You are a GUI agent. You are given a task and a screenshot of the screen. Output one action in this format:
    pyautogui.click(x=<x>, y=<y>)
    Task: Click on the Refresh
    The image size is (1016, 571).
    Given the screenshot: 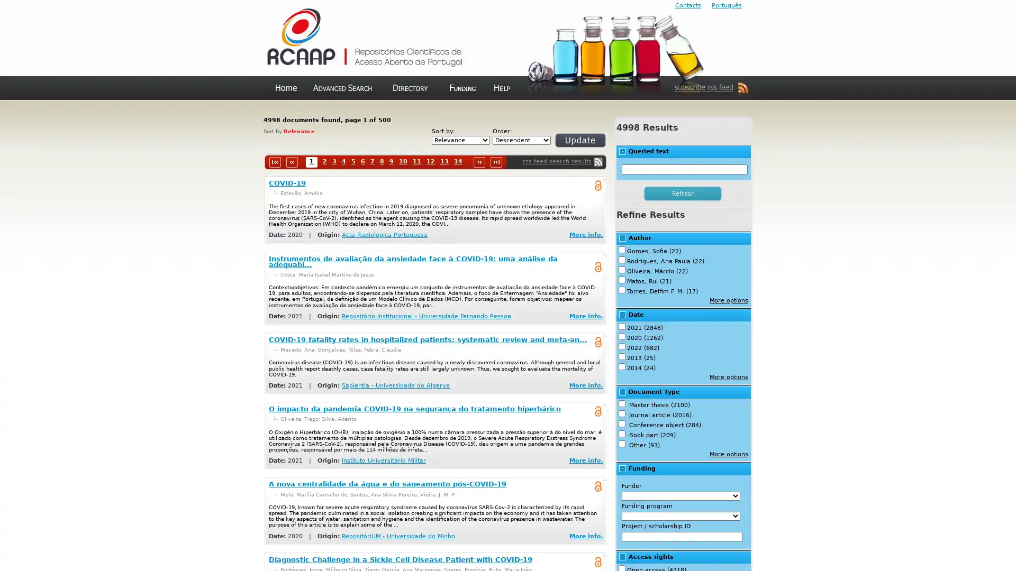 What is the action you would take?
    pyautogui.click(x=567, y=144)
    